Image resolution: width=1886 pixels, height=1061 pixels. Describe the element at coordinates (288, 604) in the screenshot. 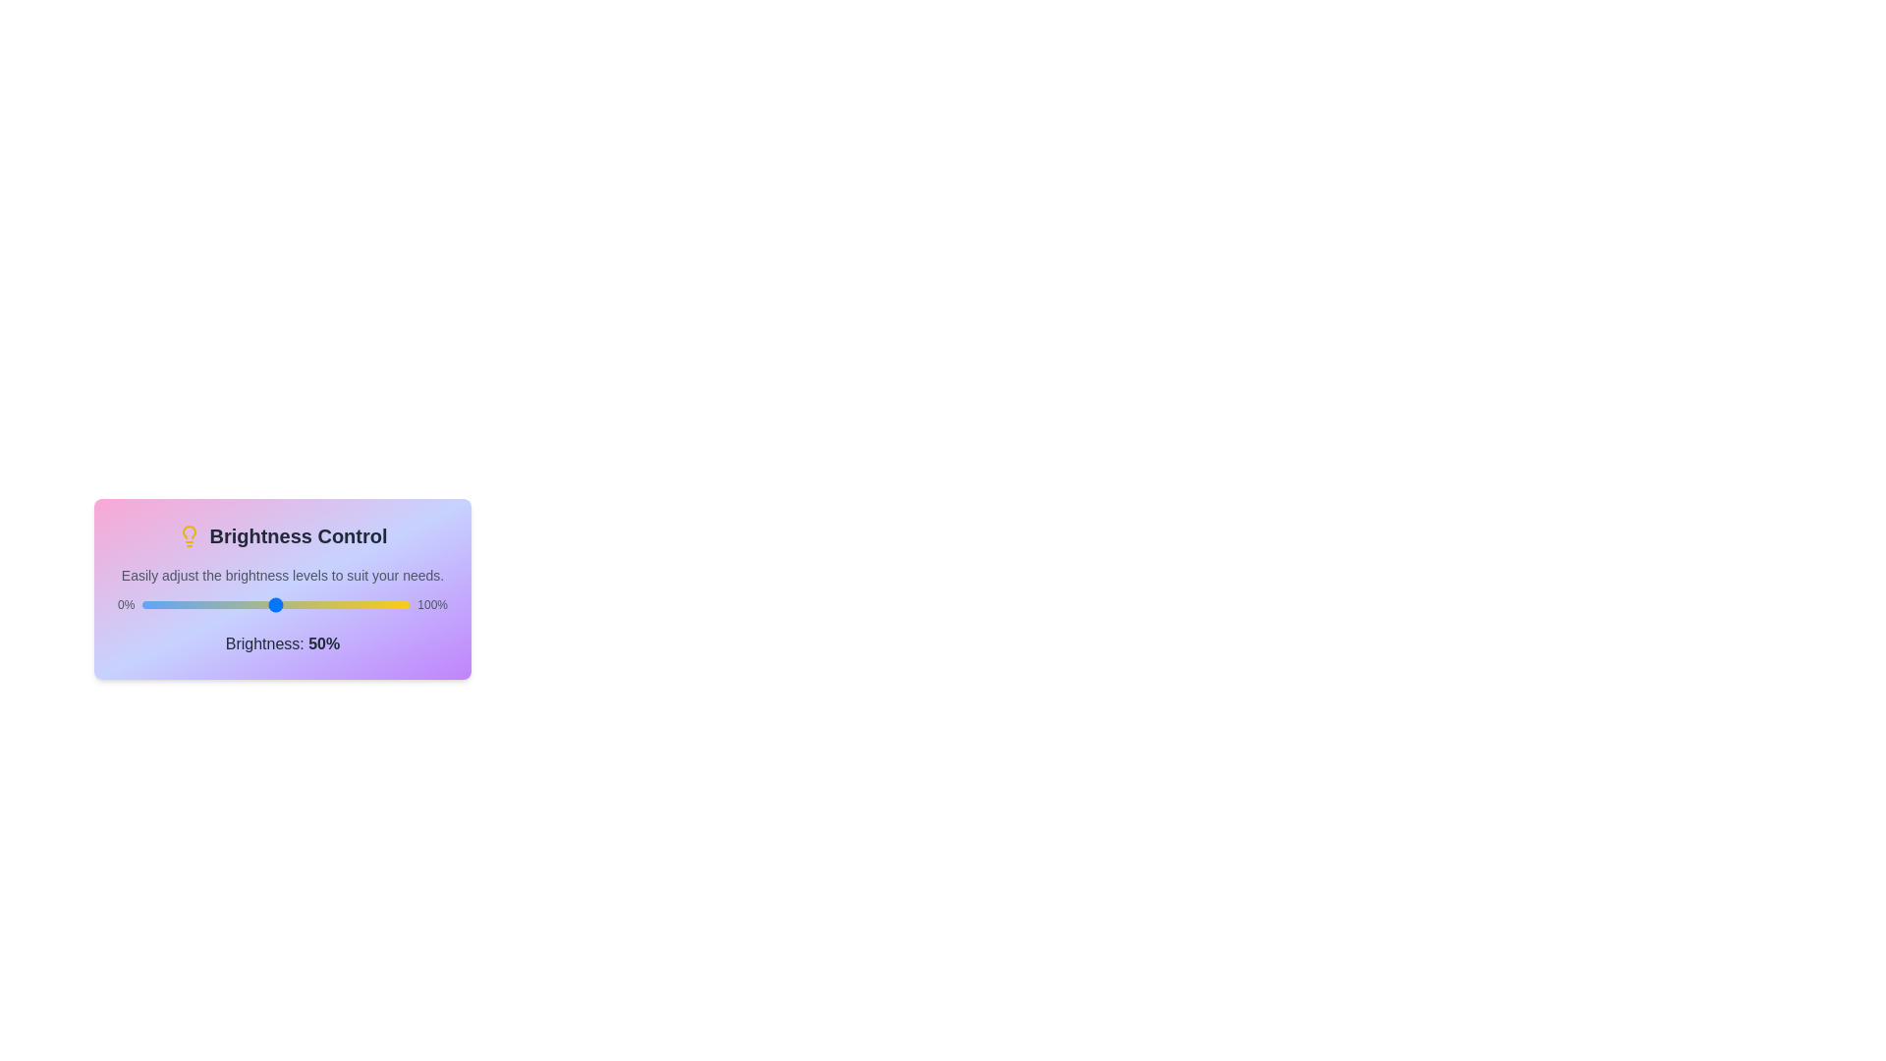

I see `the brightness to 55% by moving the slider` at that location.